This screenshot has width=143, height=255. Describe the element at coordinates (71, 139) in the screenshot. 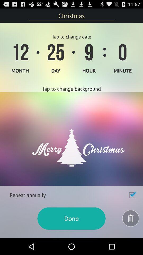

I see `icon below the tap to change` at that location.